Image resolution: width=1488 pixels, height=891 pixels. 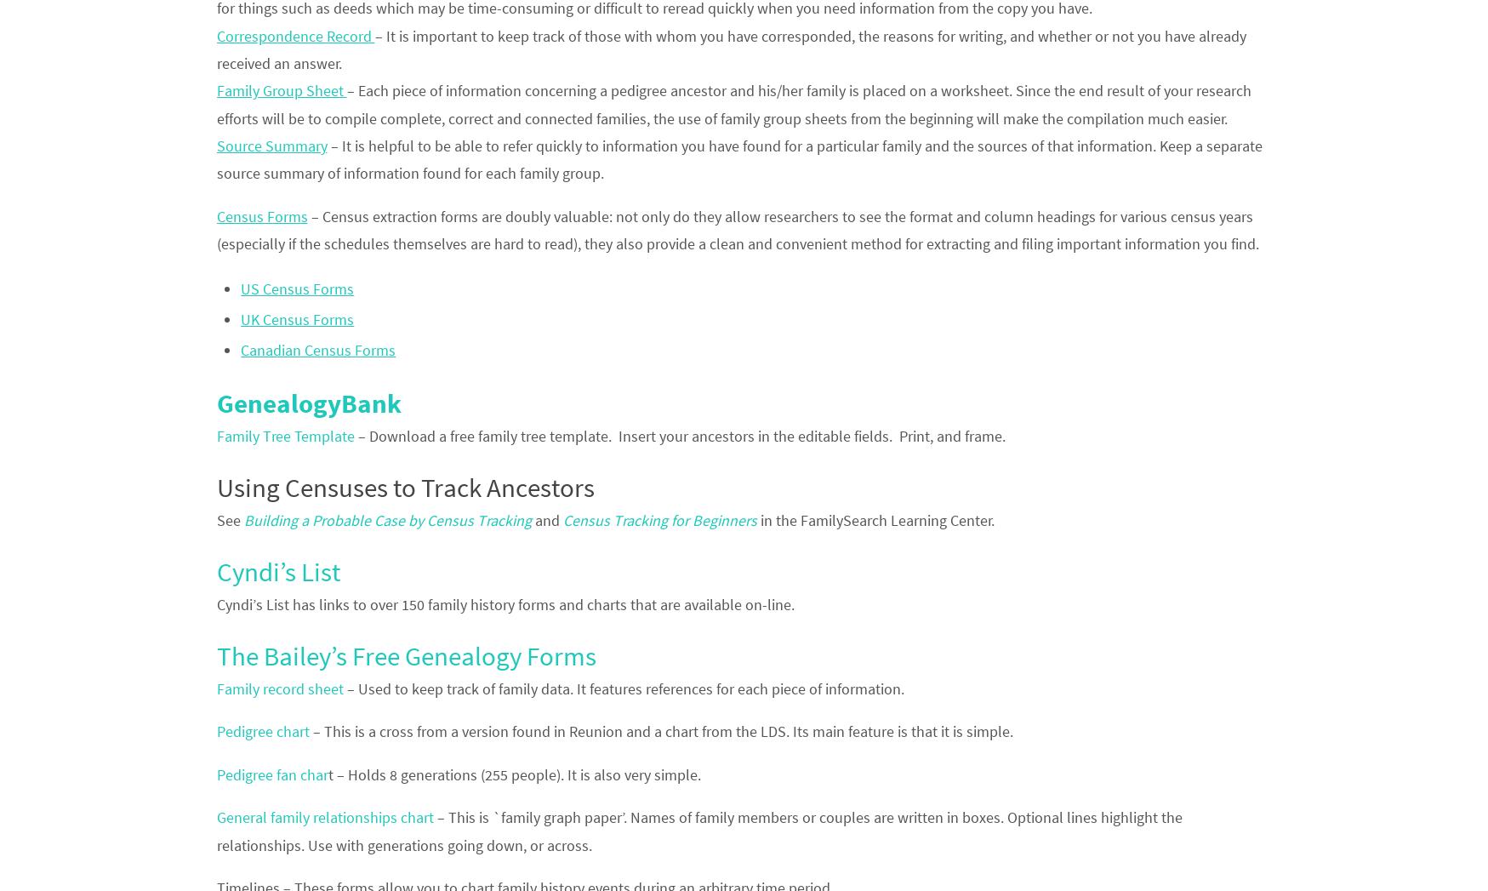 What do you see at coordinates (278, 688) in the screenshot?
I see `'Family record sheet'` at bounding box center [278, 688].